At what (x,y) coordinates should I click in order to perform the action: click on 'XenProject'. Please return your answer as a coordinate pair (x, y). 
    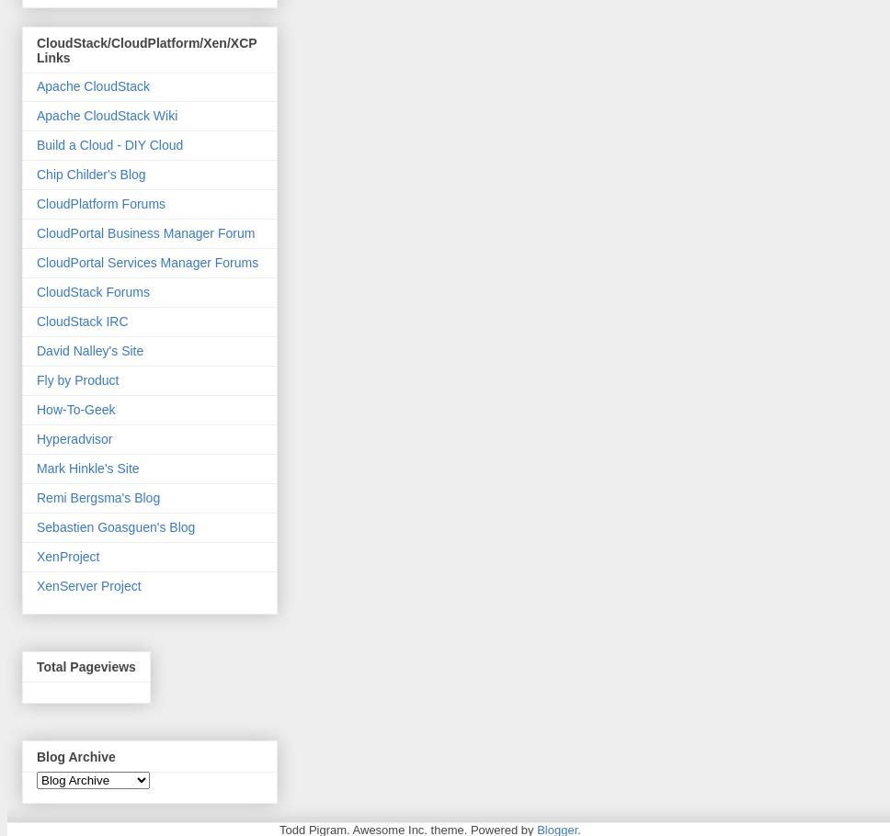
    Looking at the image, I should click on (36, 554).